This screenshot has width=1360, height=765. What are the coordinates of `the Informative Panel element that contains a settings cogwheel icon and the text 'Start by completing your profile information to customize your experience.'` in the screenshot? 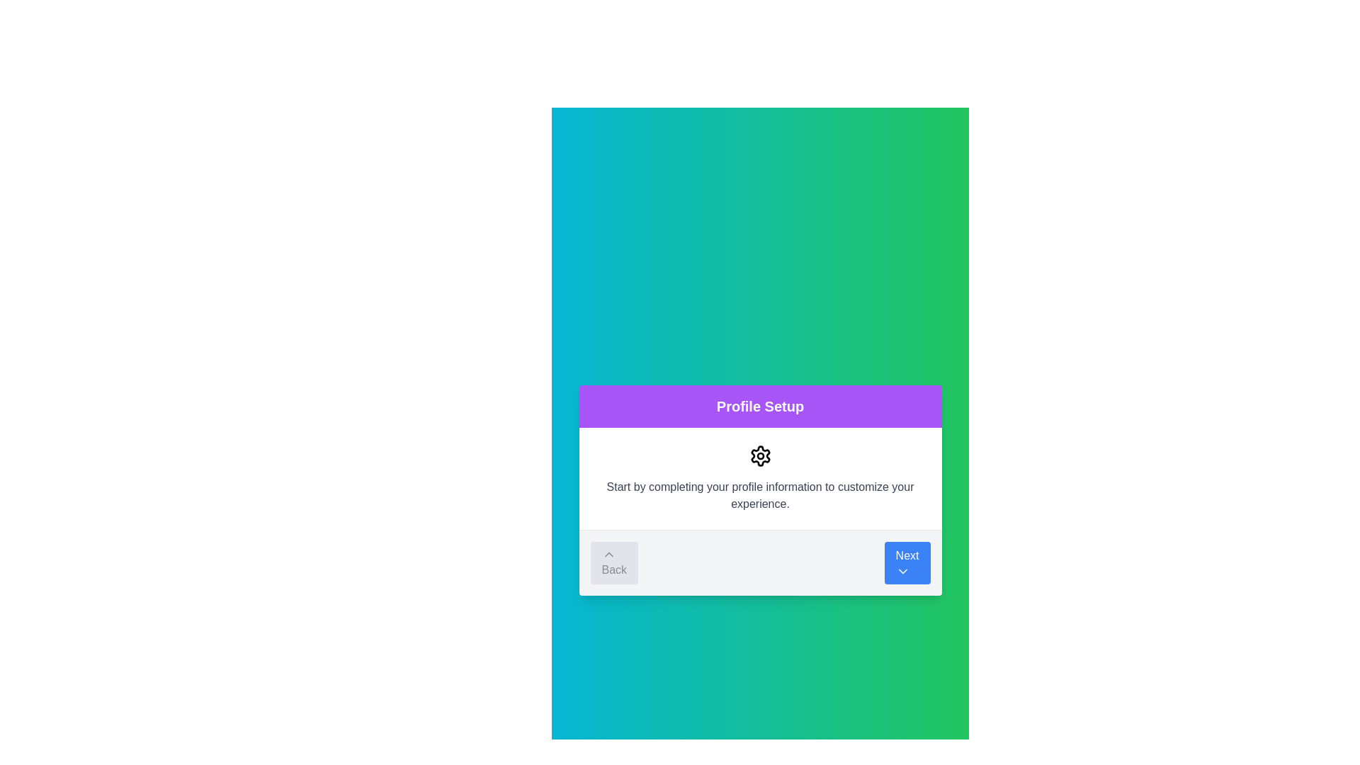 It's located at (759, 478).